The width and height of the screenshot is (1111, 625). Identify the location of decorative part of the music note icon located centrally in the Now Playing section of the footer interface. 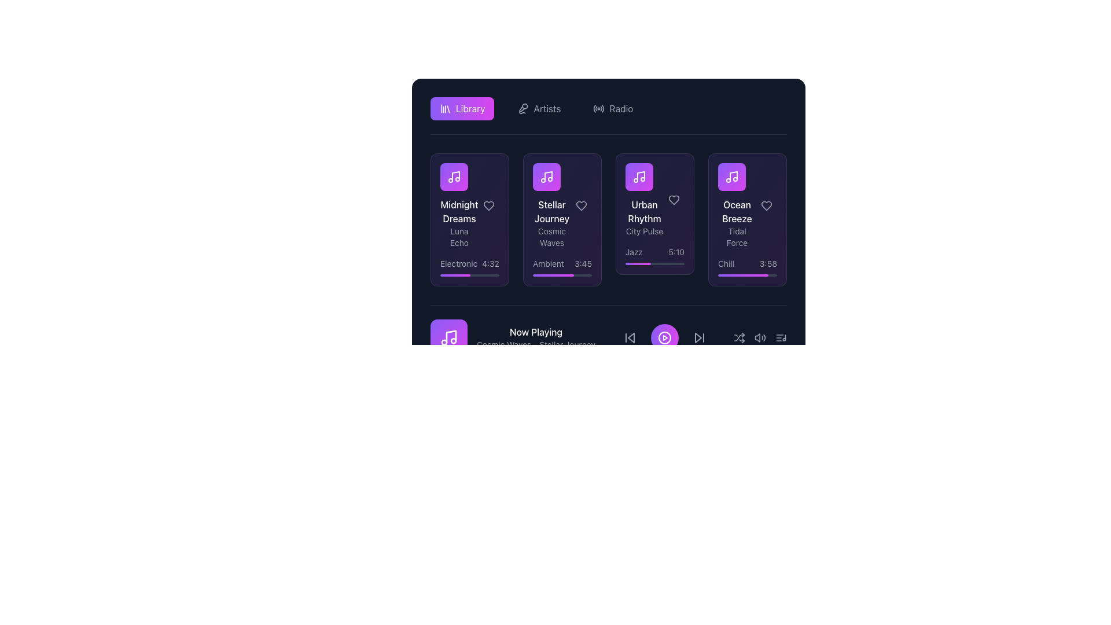
(450, 337).